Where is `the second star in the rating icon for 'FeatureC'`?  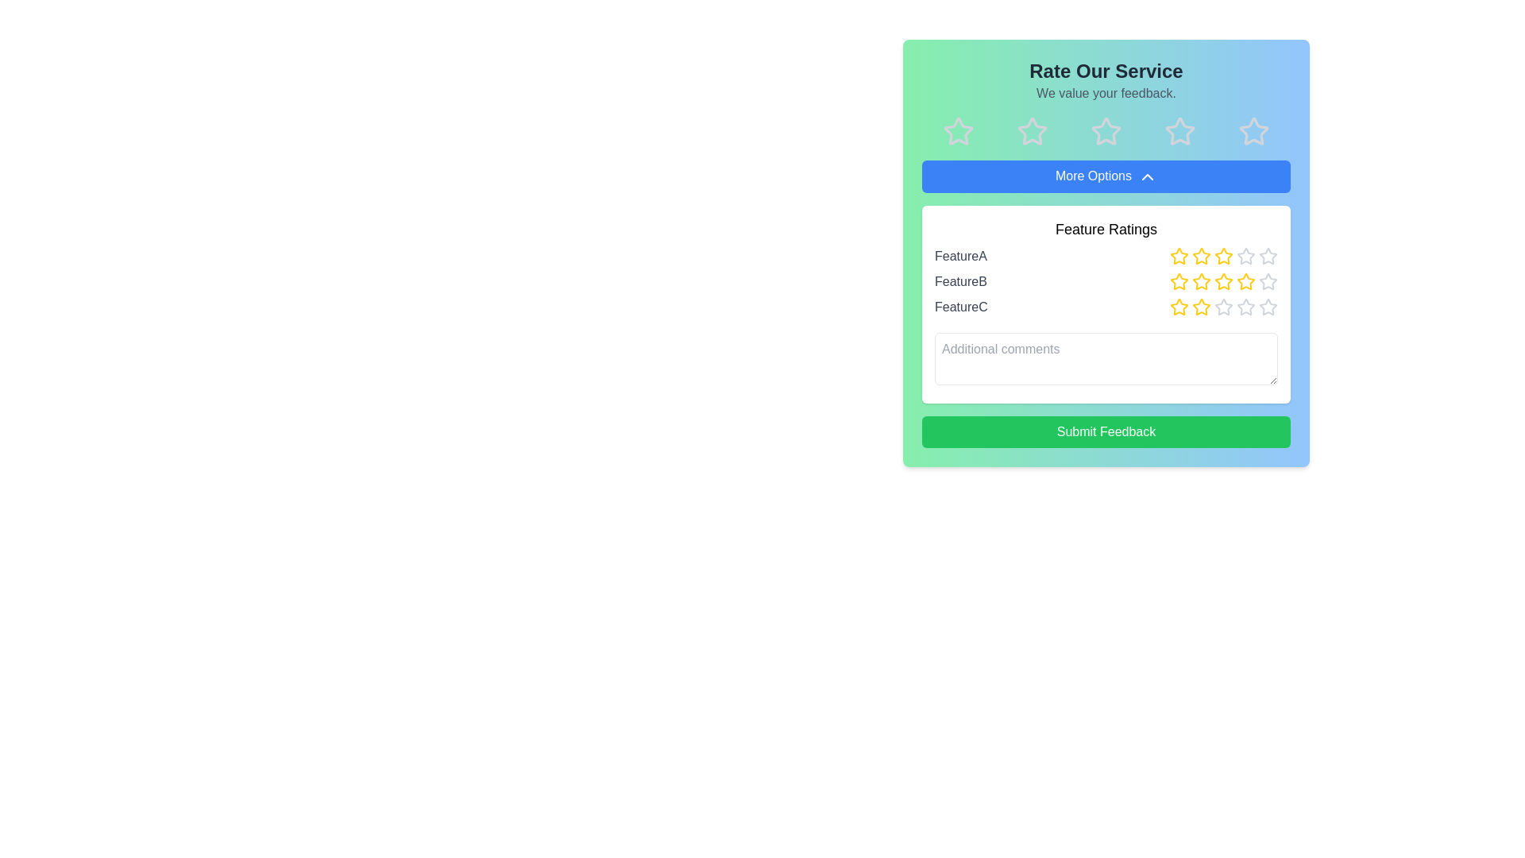 the second star in the rating icon for 'FeatureC' is located at coordinates (1179, 307).